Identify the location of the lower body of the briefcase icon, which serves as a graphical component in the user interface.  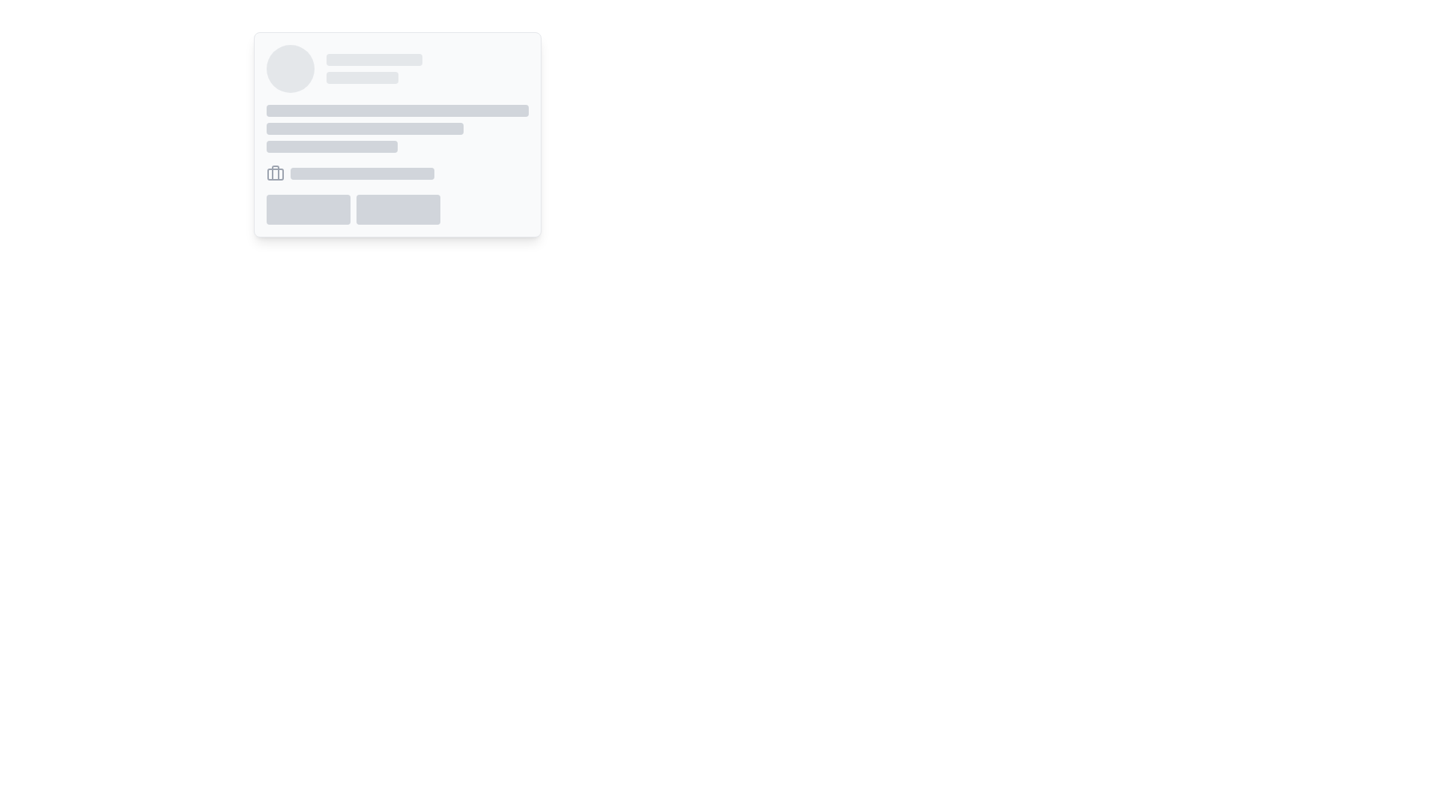
(276, 173).